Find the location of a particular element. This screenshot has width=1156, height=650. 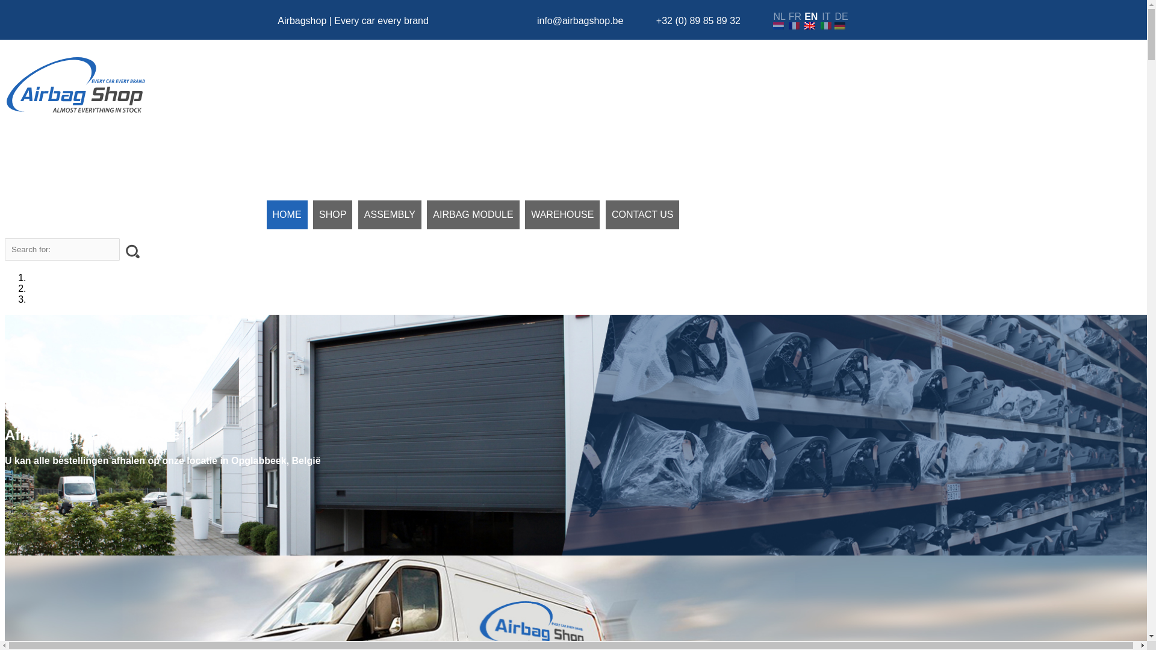

'EN' is located at coordinates (811, 20).